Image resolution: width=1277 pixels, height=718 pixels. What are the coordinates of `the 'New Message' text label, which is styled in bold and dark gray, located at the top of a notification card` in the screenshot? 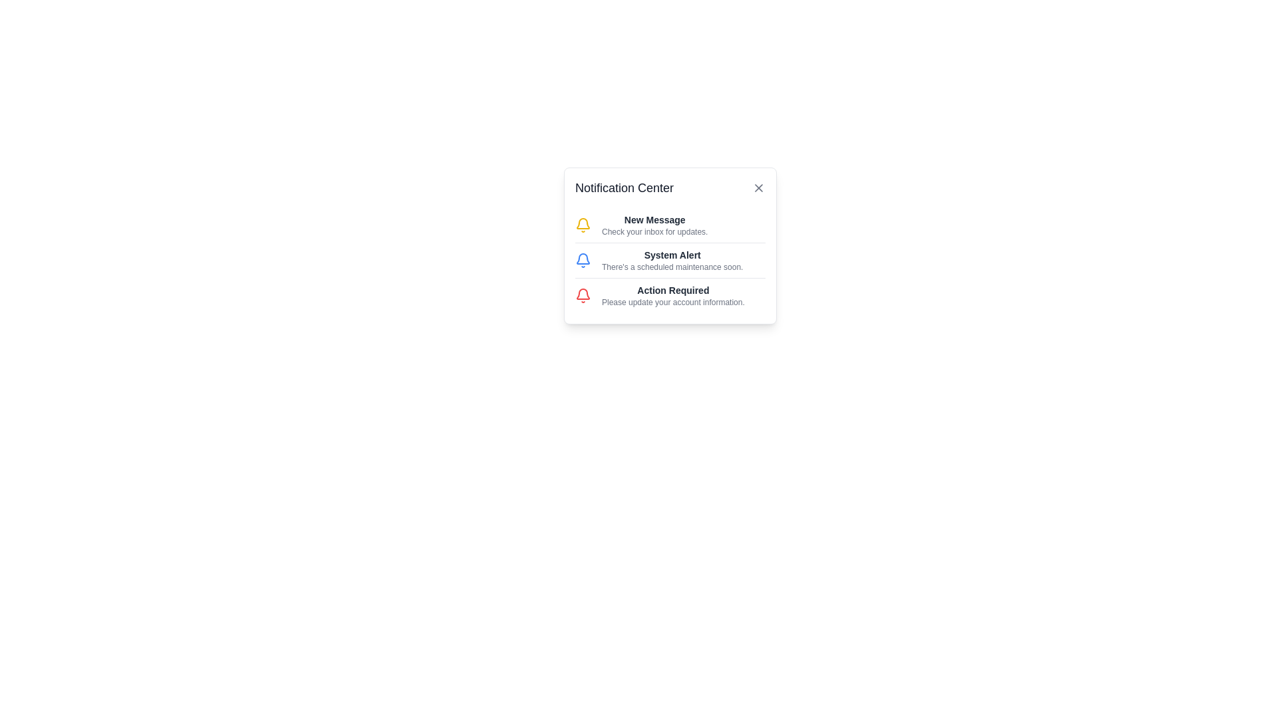 It's located at (654, 219).